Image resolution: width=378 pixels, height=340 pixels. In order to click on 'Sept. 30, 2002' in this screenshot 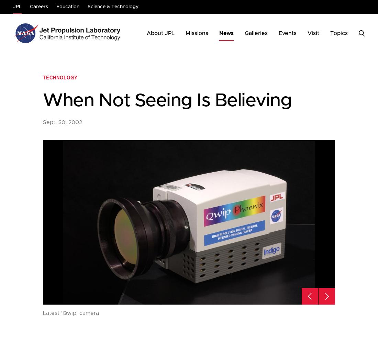, I will do `click(62, 122)`.